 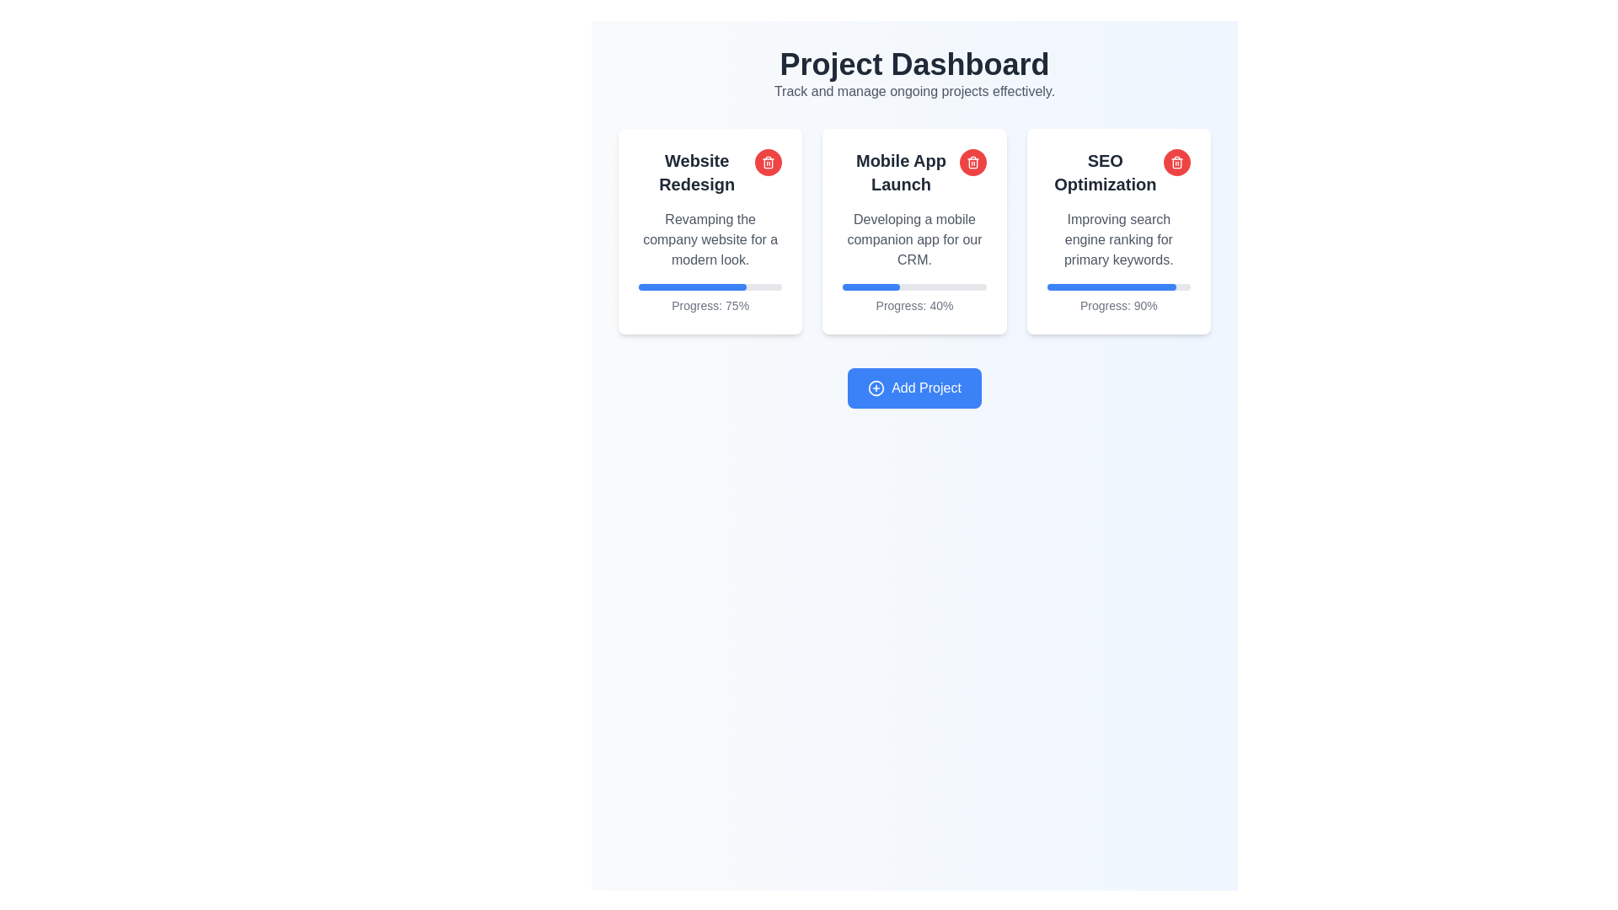 What do you see at coordinates (710, 305) in the screenshot?
I see `display text showing the project completion percentage located at the bottom of the 'Website Redesign' card beneath the blue progress bar` at bounding box center [710, 305].